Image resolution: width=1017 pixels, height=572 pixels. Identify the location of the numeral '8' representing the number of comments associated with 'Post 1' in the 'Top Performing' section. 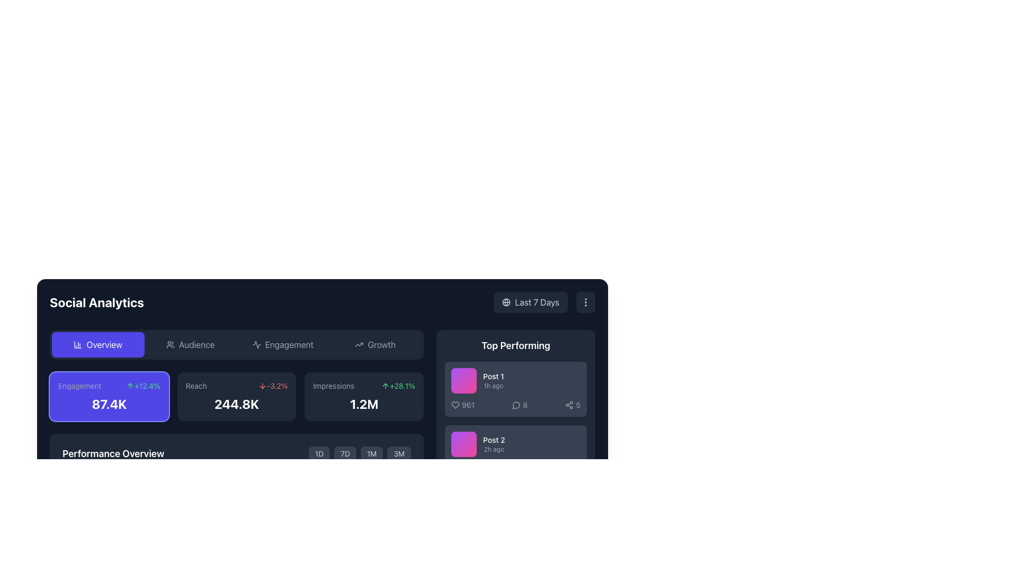
(520, 405).